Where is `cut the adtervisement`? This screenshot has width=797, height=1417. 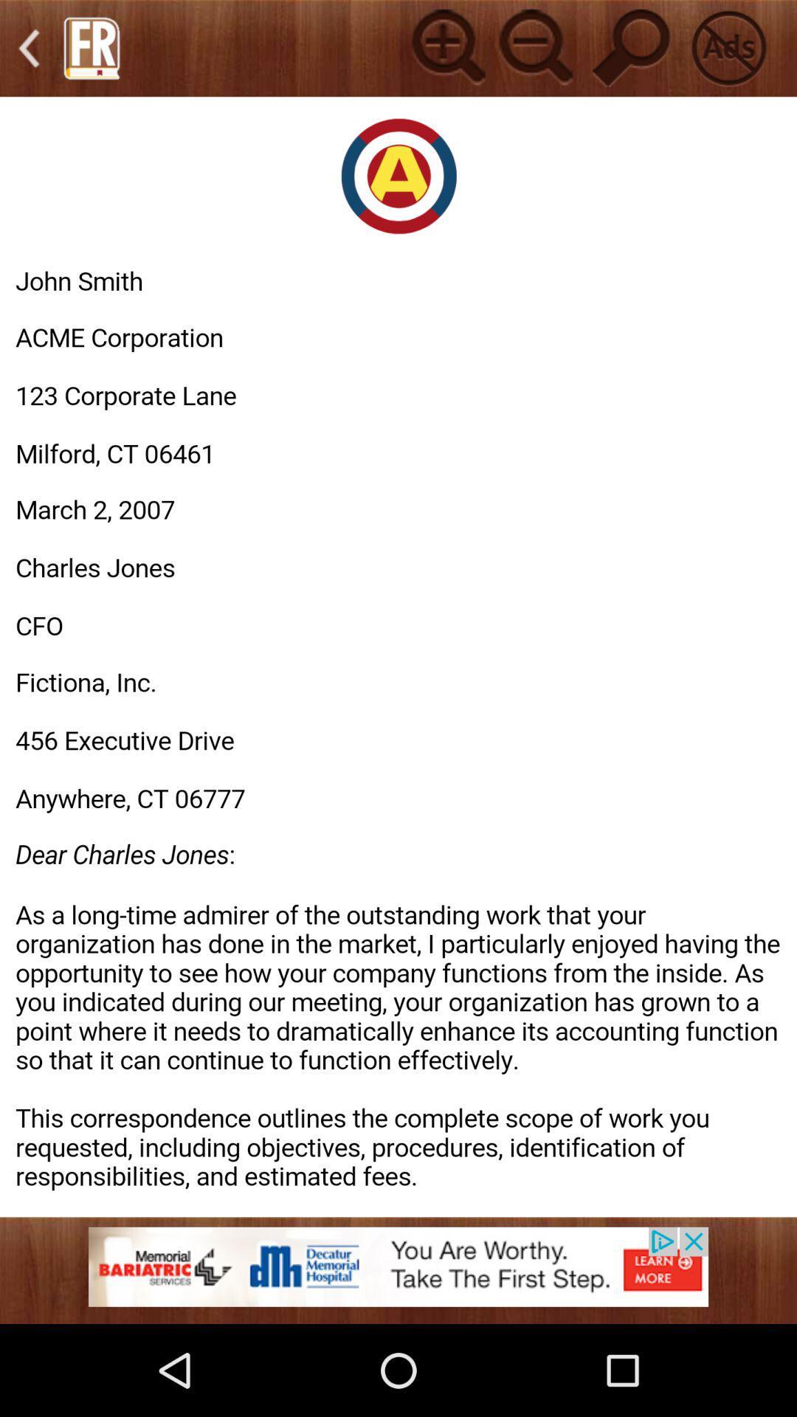 cut the adtervisement is located at coordinates (728, 48).